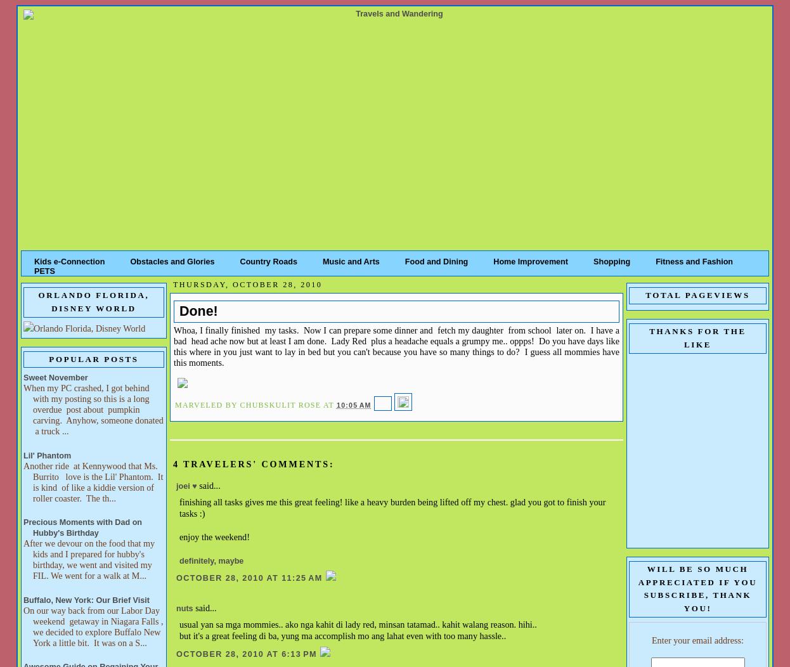 Image resolution: width=790 pixels, height=667 pixels. Describe the element at coordinates (93, 481) in the screenshot. I see `'Another ride  at Kennywood that Ms. Burrito   love is the Lil' Phantom.  It is kind  of like a kiddie version of roller coaster.  The th...'` at that location.